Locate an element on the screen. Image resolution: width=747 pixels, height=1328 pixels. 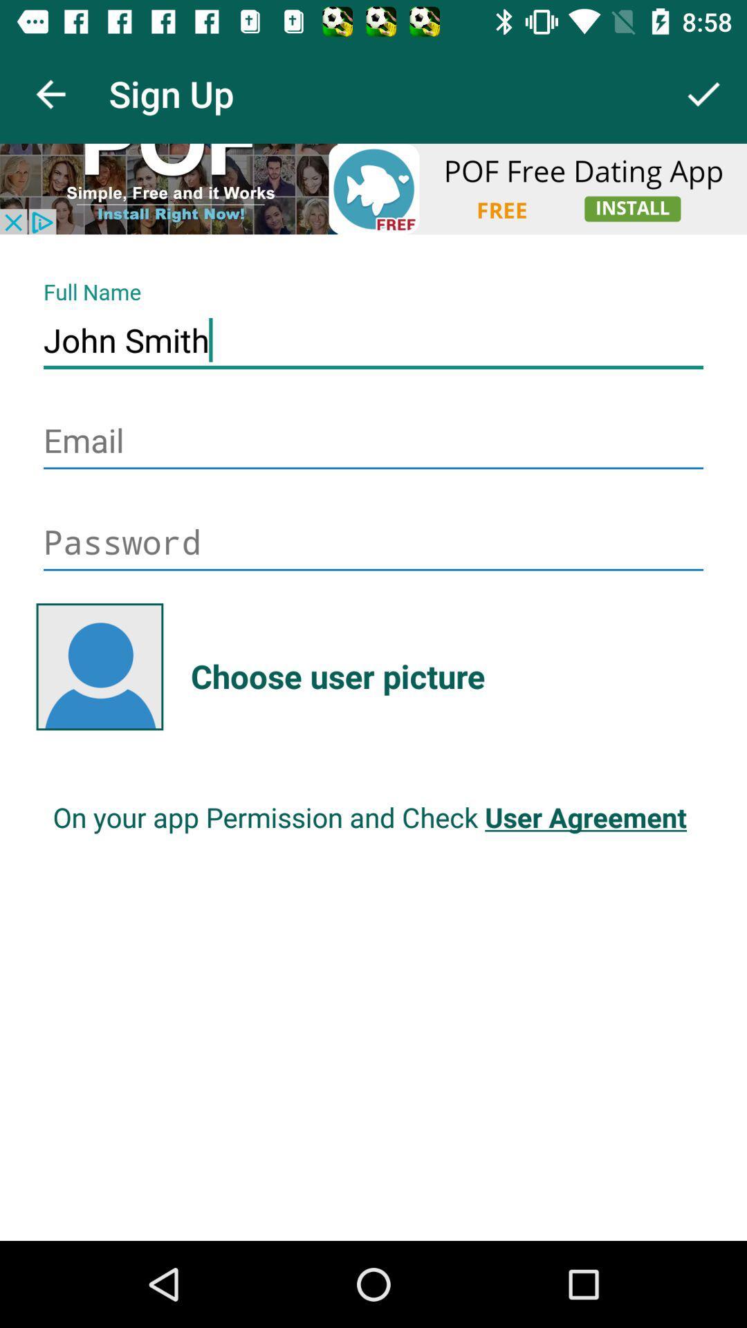
profile details is located at coordinates (373, 188).